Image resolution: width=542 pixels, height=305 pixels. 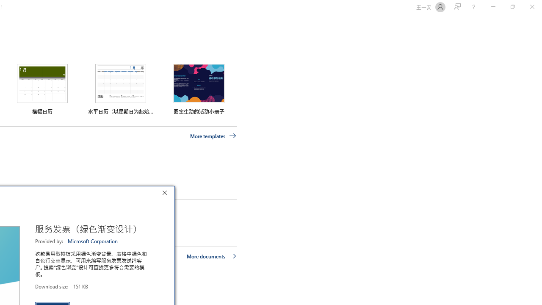 I want to click on 'Restore Down', so click(x=512, y=7).